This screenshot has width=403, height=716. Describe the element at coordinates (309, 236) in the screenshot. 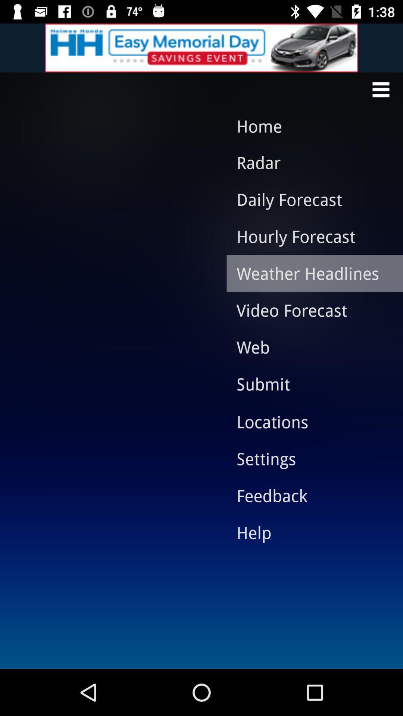

I see `the icon below the daily forecast` at that location.